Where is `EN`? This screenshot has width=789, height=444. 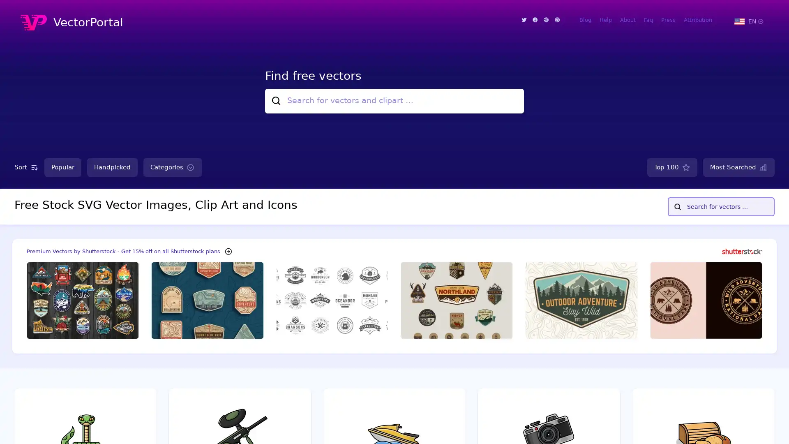
EN is located at coordinates (748, 21).